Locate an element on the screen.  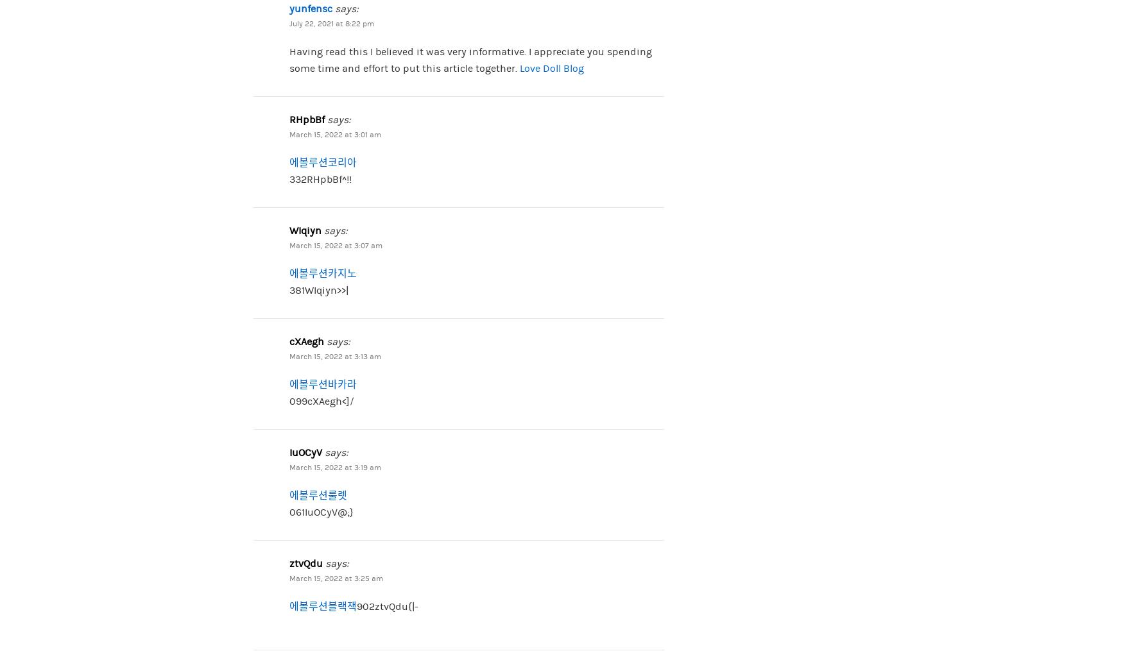
'March 15, 2022 at 3:13 am' is located at coordinates (289, 356).